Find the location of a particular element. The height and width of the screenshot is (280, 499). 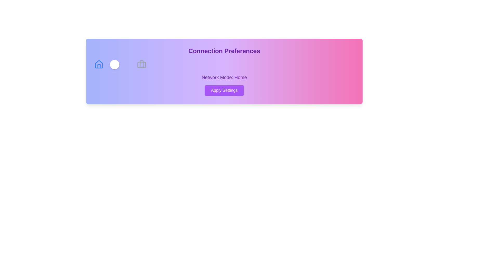

the 'Network Mode: Home' text to focus or select it is located at coordinates (224, 78).